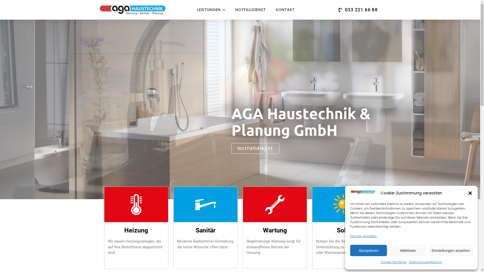  Describe the element at coordinates (408, 250) in the screenshot. I see `'Ablehnen'` at that location.